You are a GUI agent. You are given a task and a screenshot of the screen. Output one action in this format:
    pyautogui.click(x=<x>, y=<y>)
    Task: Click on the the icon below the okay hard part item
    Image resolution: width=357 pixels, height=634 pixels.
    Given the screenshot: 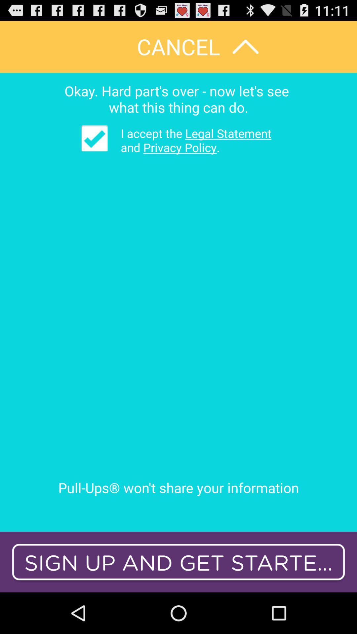 What is the action you would take?
    pyautogui.click(x=191, y=140)
    